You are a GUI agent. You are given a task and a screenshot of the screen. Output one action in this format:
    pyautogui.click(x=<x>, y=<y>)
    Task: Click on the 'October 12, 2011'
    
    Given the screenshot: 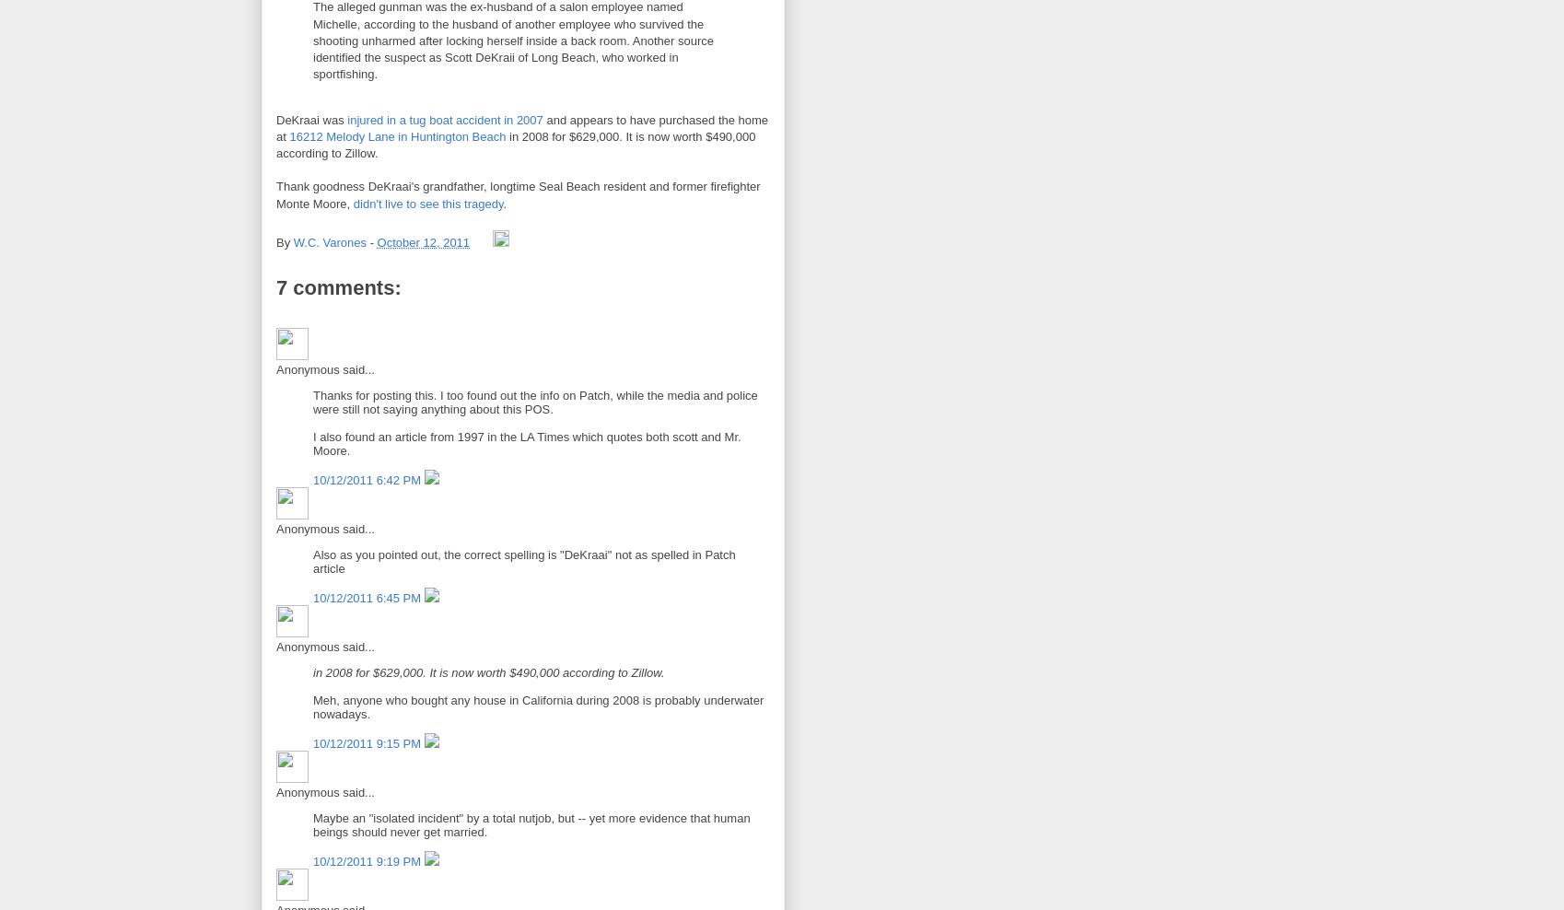 What is the action you would take?
    pyautogui.click(x=422, y=241)
    